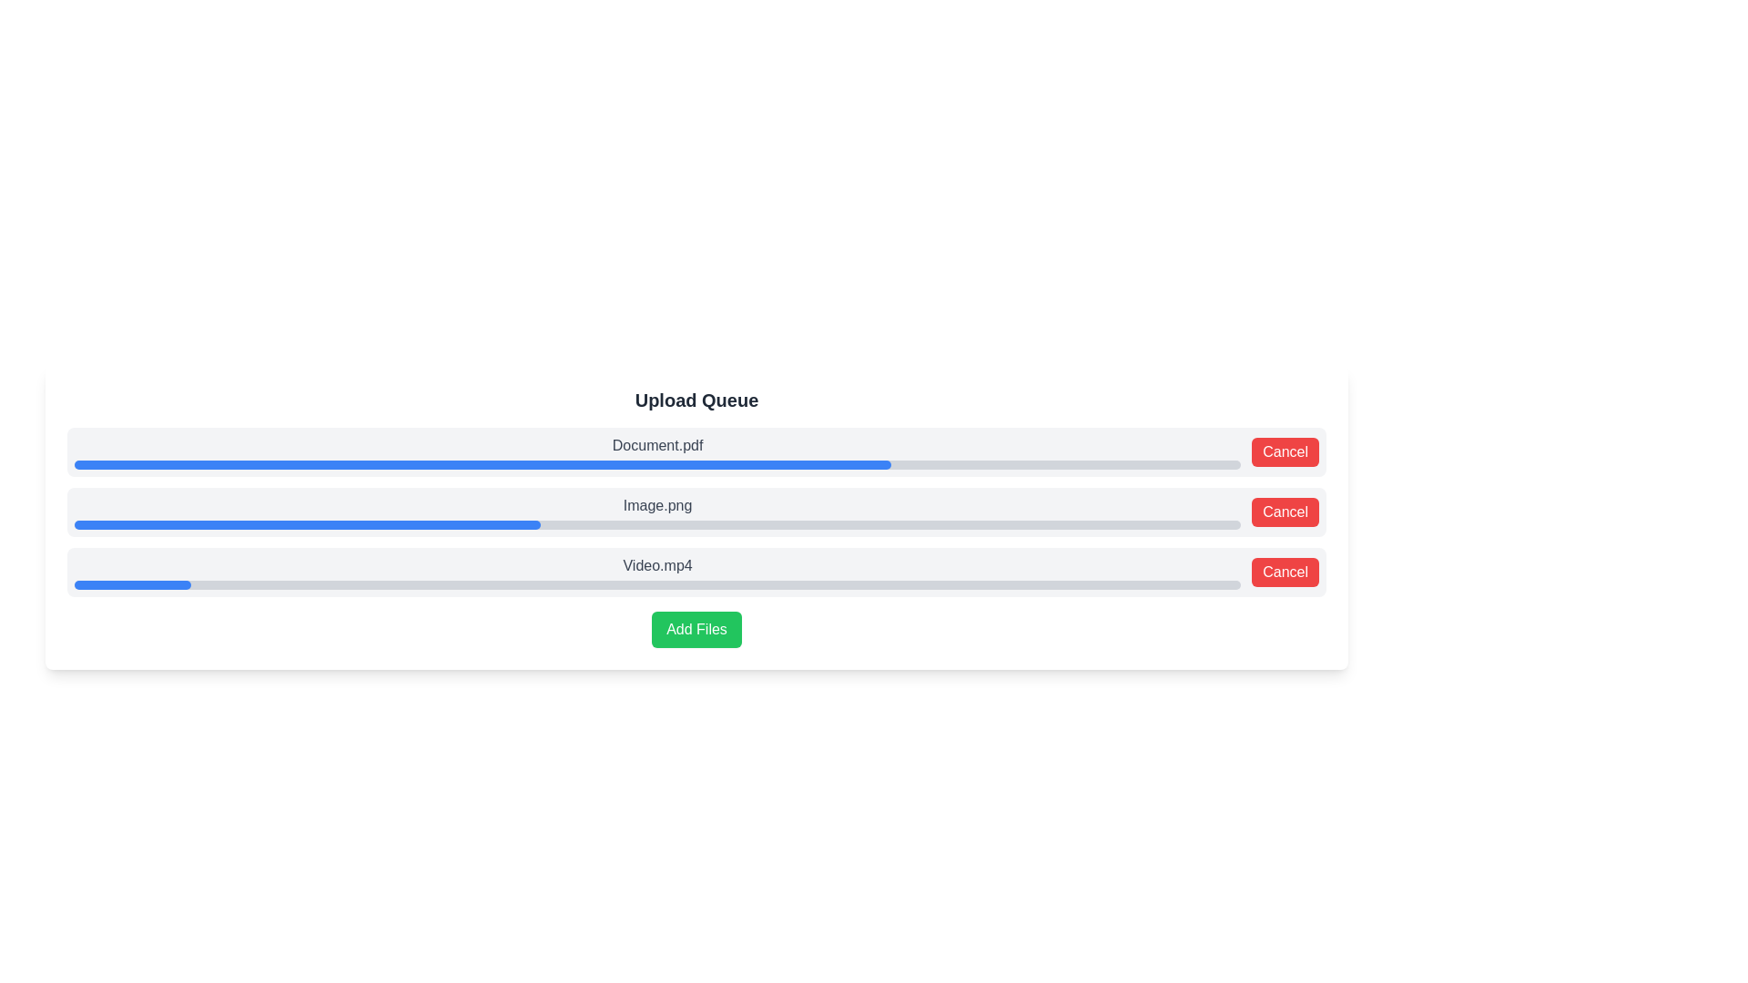 The width and height of the screenshot is (1748, 983). Describe the element at coordinates (483, 463) in the screenshot. I see `the progress visually of the Progress Bar associated with the file 'Document.pdf' located in the 'Upload Queue' section` at that location.